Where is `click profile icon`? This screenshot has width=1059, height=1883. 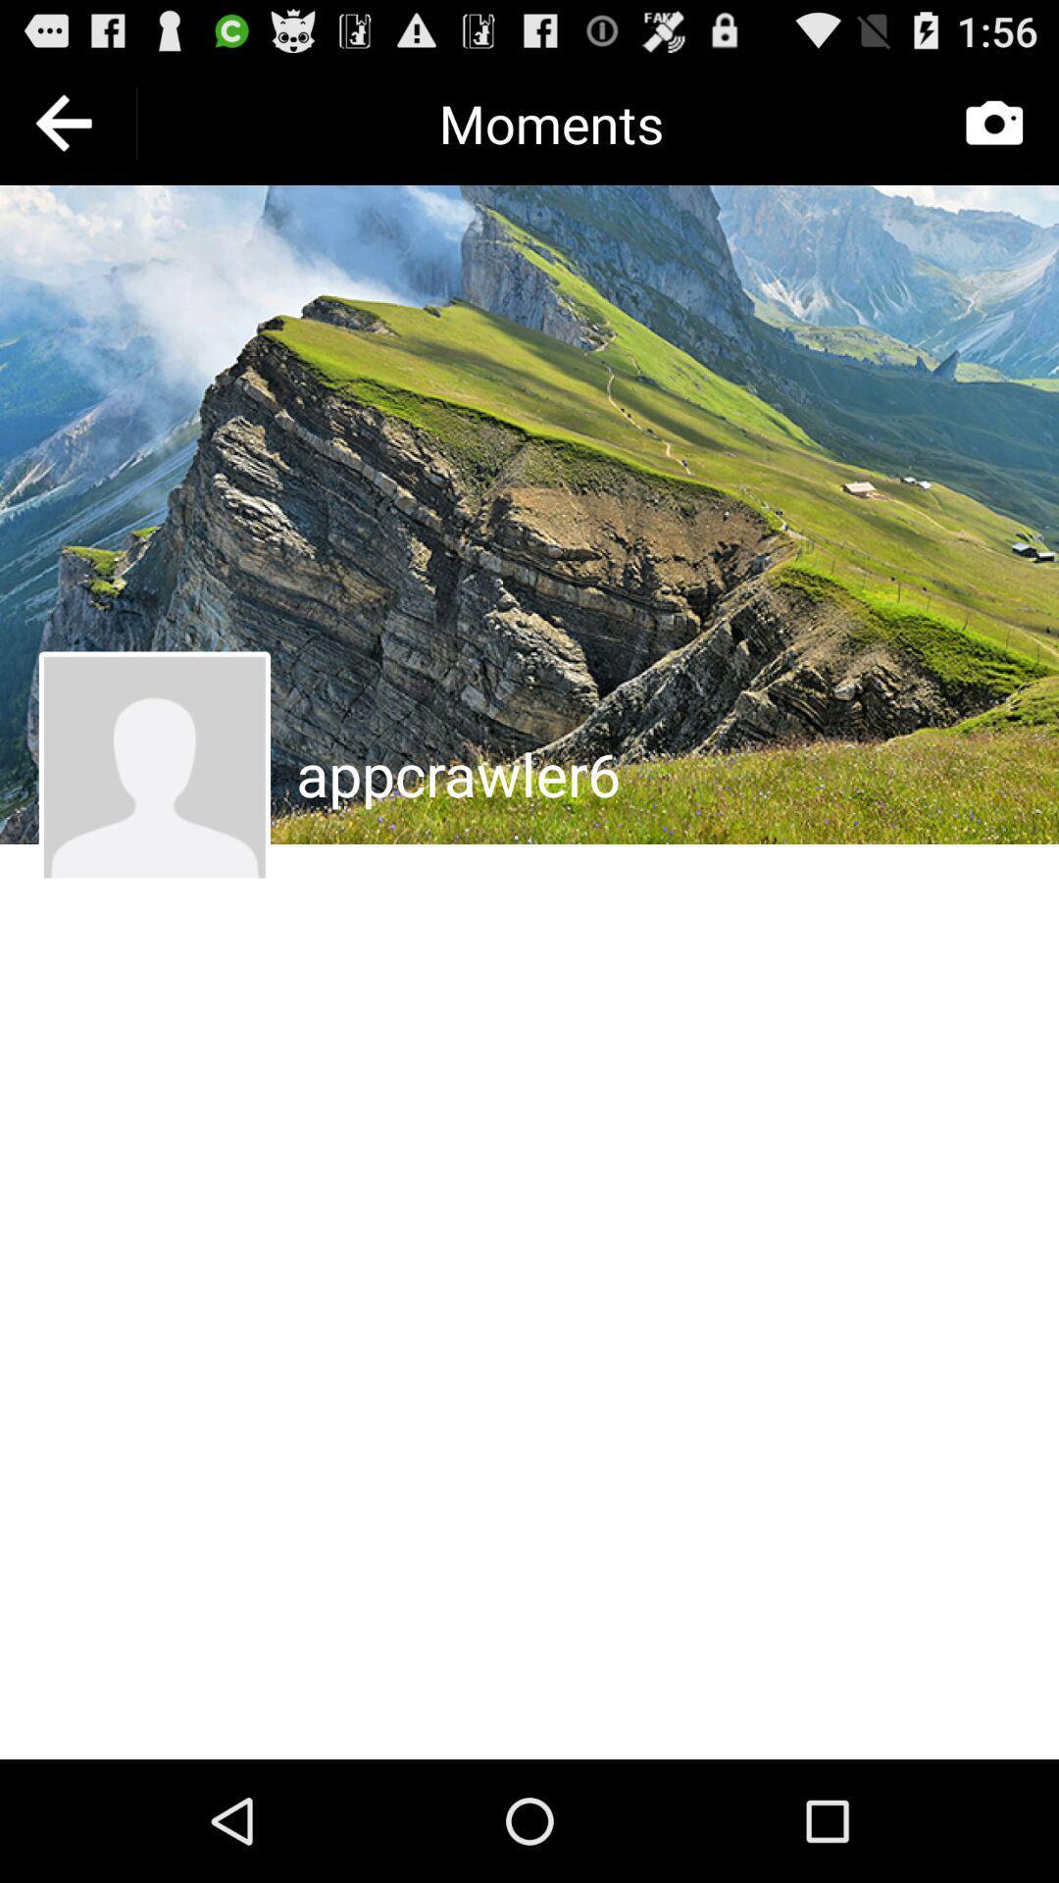 click profile icon is located at coordinates (153, 766).